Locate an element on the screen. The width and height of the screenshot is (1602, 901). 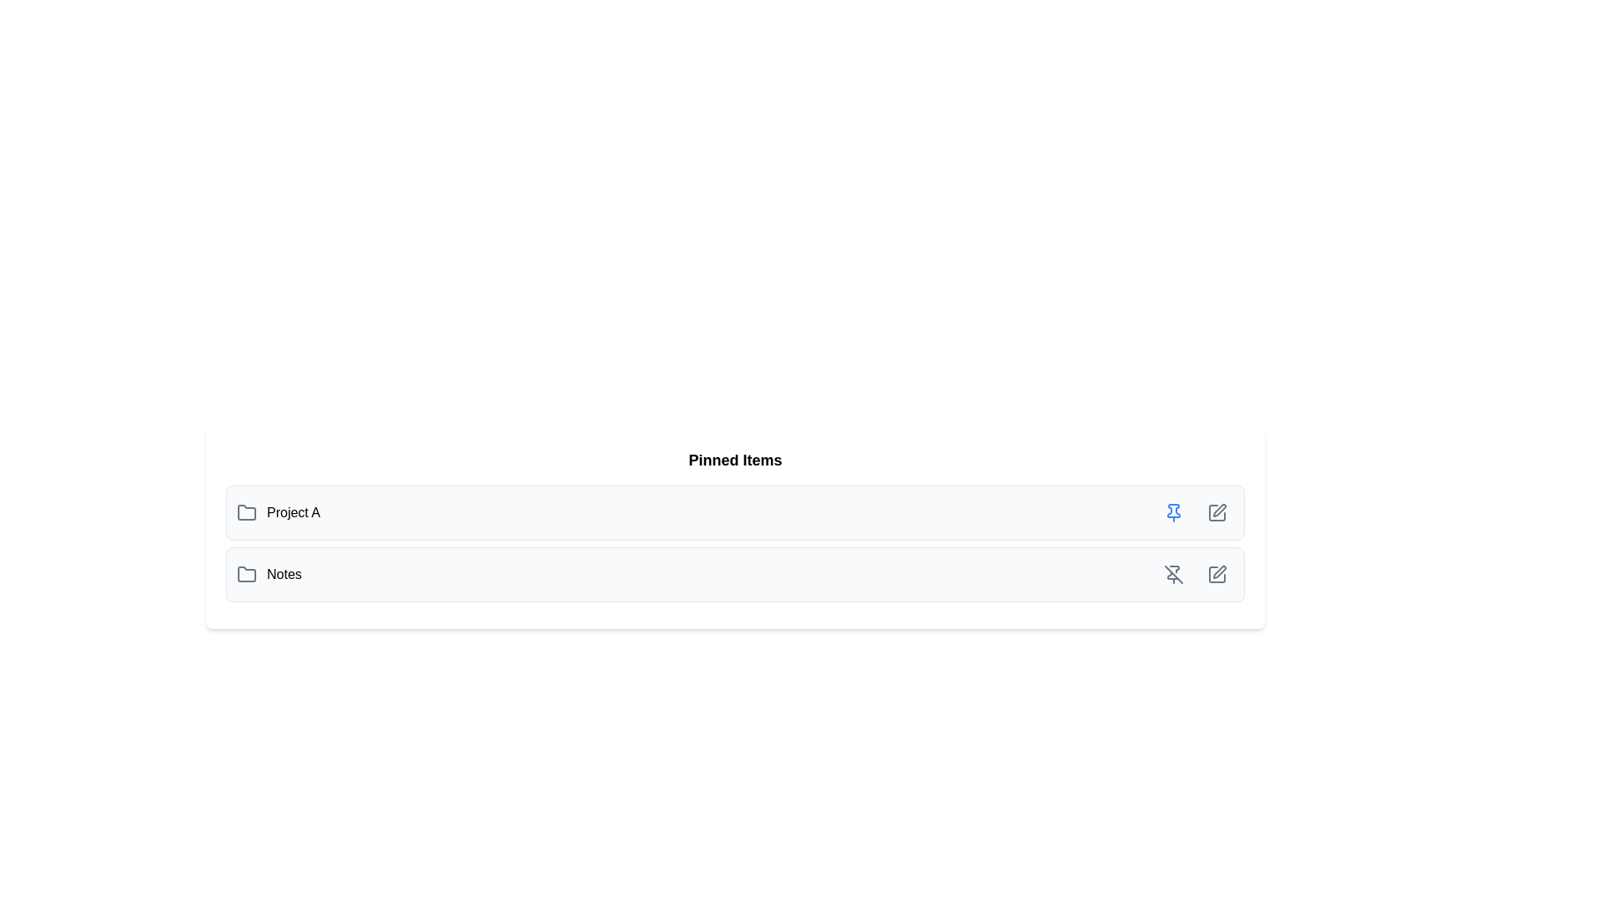
the unpin button located on the right side of the second item row in the 'Pinned Items' section to unpin the associated item is located at coordinates (1172, 574).